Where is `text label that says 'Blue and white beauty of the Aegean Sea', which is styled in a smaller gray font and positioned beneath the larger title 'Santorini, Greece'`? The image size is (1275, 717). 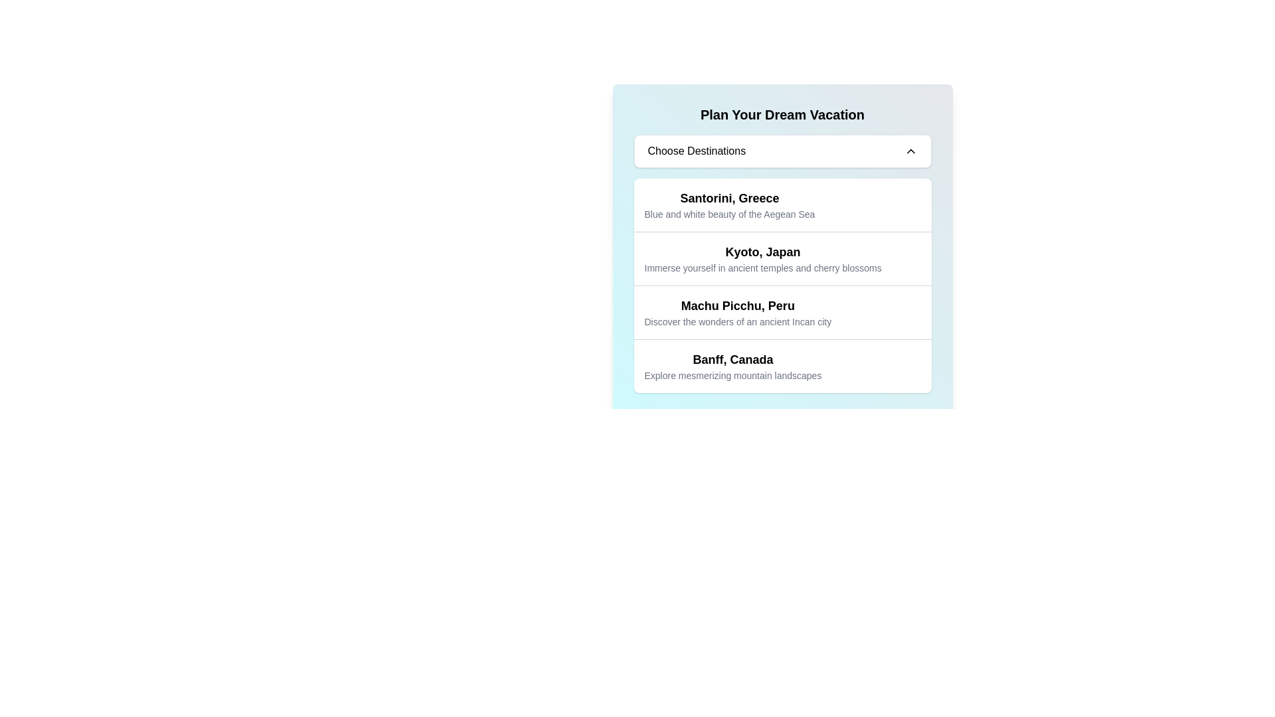
text label that says 'Blue and white beauty of the Aegean Sea', which is styled in a smaller gray font and positioned beneath the larger title 'Santorini, Greece' is located at coordinates (729, 214).